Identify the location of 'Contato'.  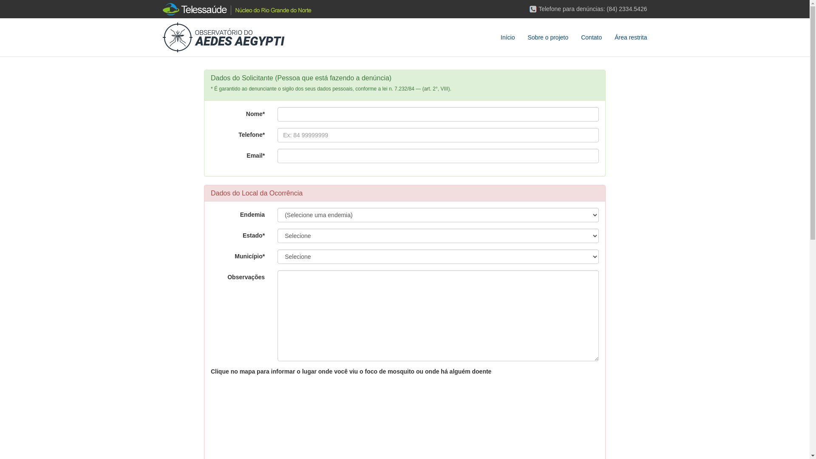
(591, 37).